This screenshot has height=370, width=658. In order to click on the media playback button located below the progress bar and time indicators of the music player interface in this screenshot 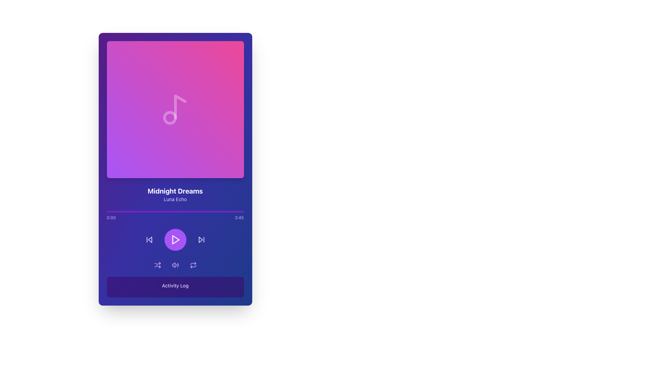, I will do `click(175, 239)`.